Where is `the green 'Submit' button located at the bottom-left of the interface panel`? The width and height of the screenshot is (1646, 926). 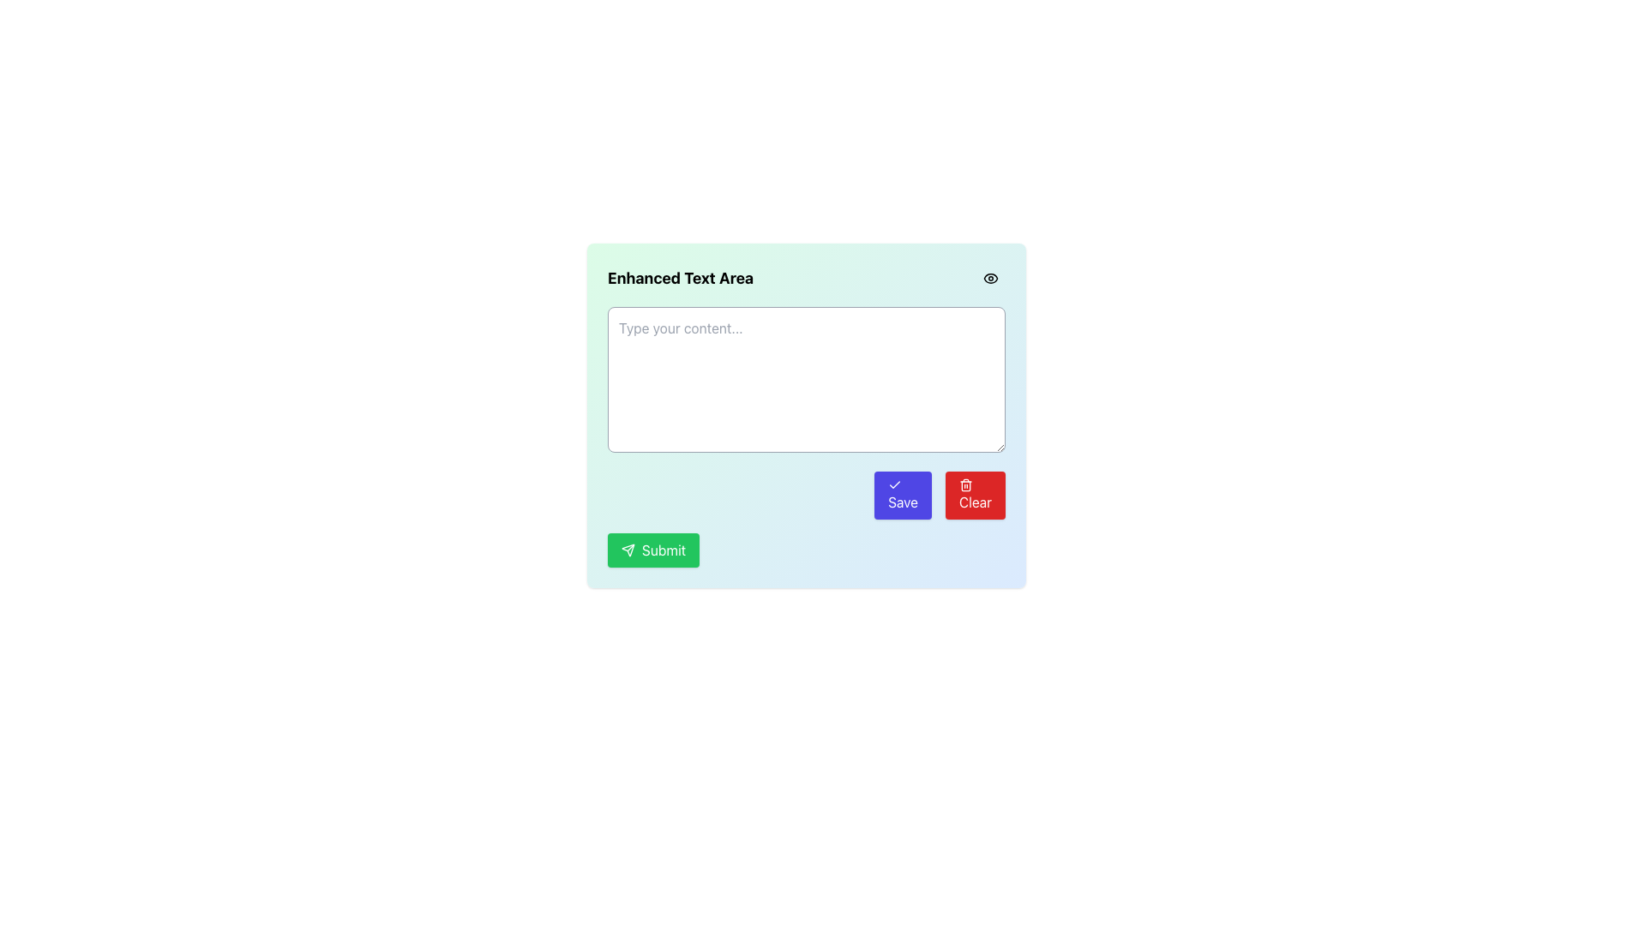 the green 'Submit' button located at the bottom-left of the interface panel is located at coordinates (628, 550).